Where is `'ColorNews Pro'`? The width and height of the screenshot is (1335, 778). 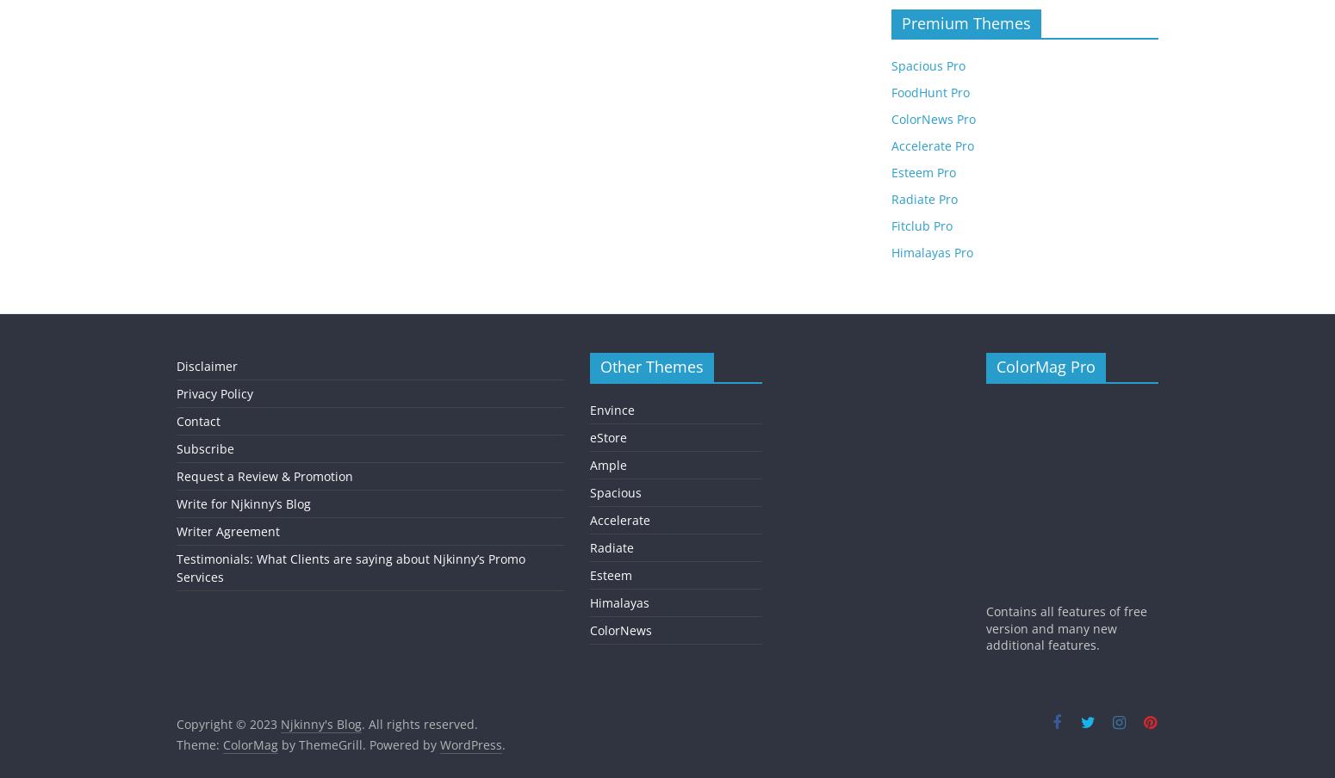
'ColorNews Pro' is located at coordinates (934, 118).